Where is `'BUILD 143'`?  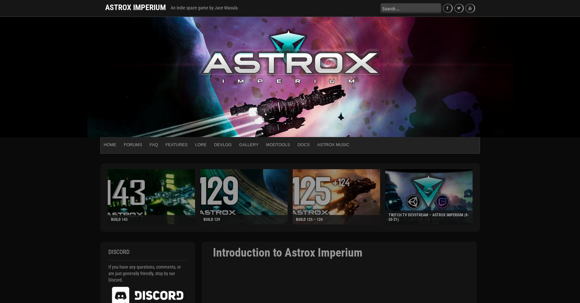 'BUILD 143' is located at coordinates (110, 219).